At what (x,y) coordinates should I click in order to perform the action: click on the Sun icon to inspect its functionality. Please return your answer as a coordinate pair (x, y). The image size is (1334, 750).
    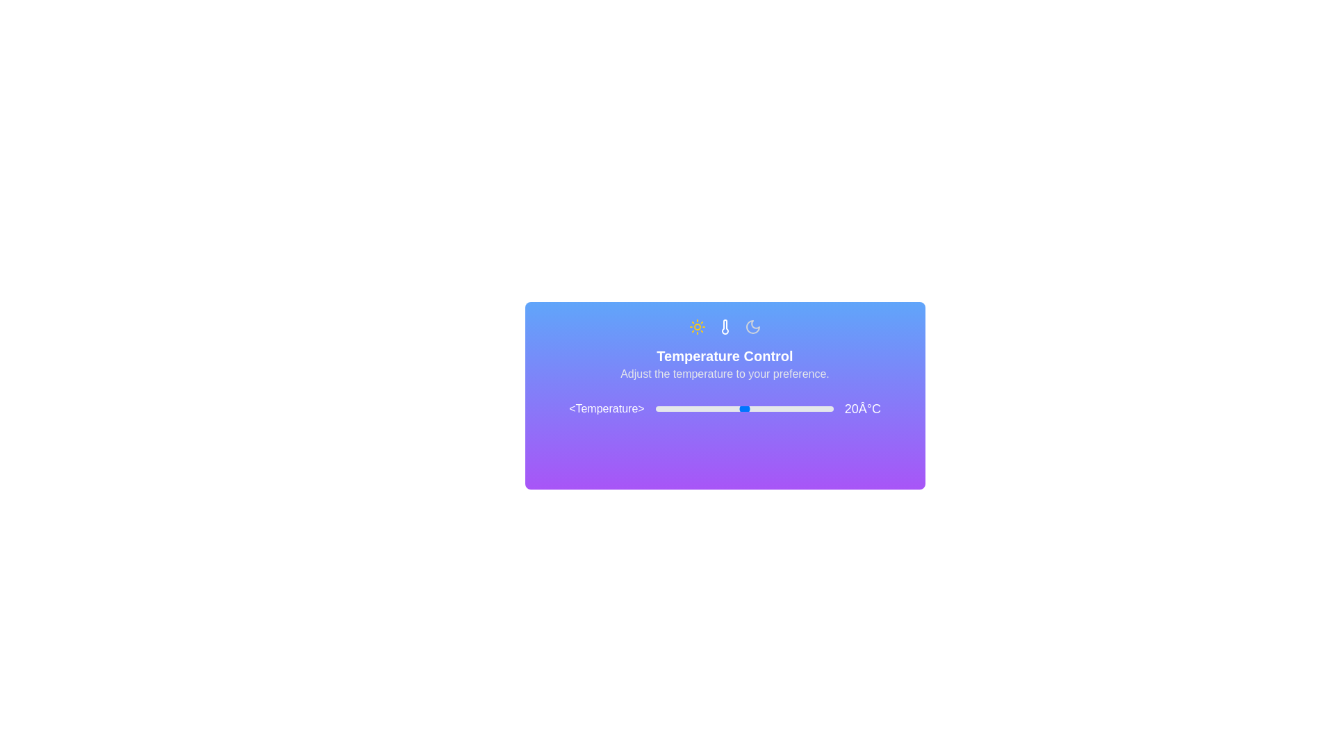
    Looking at the image, I should click on (697, 326).